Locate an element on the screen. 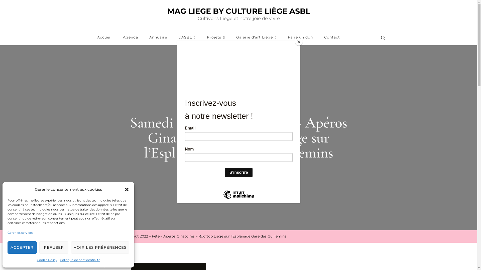 The image size is (481, 270). 'ACCEPTER' is located at coordinates (22, 247).